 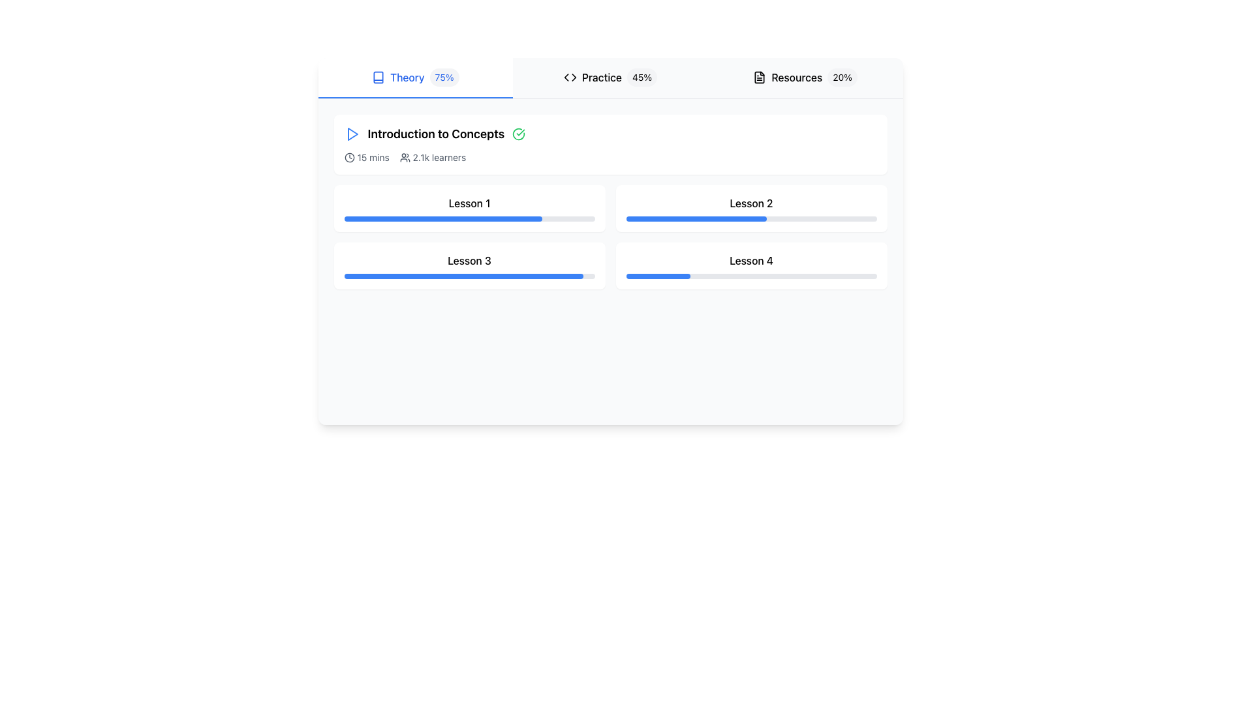 What do you see at coordinates (463, 276) in the screenshot?
I see `the blue progress bar located in the lower part of the cell labeled 'Lesson 3', which is filled to approximately 95% of its total width, to visually assess the progress` at bounding box center [463, 276].